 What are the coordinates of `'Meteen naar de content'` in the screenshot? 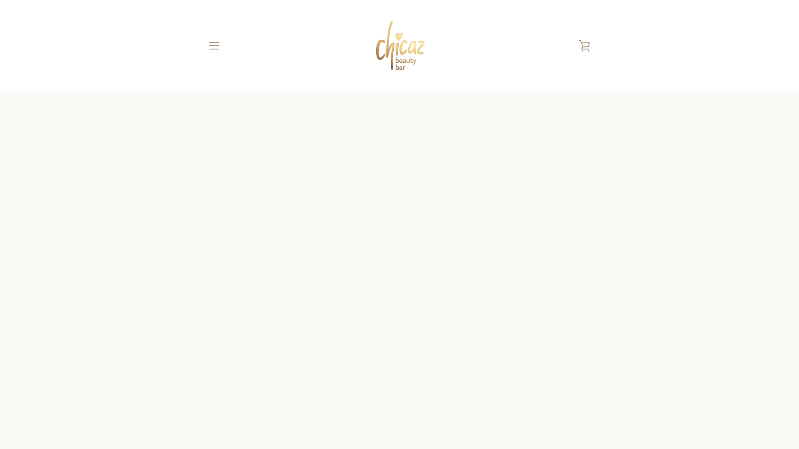 It's located at (0, 0).